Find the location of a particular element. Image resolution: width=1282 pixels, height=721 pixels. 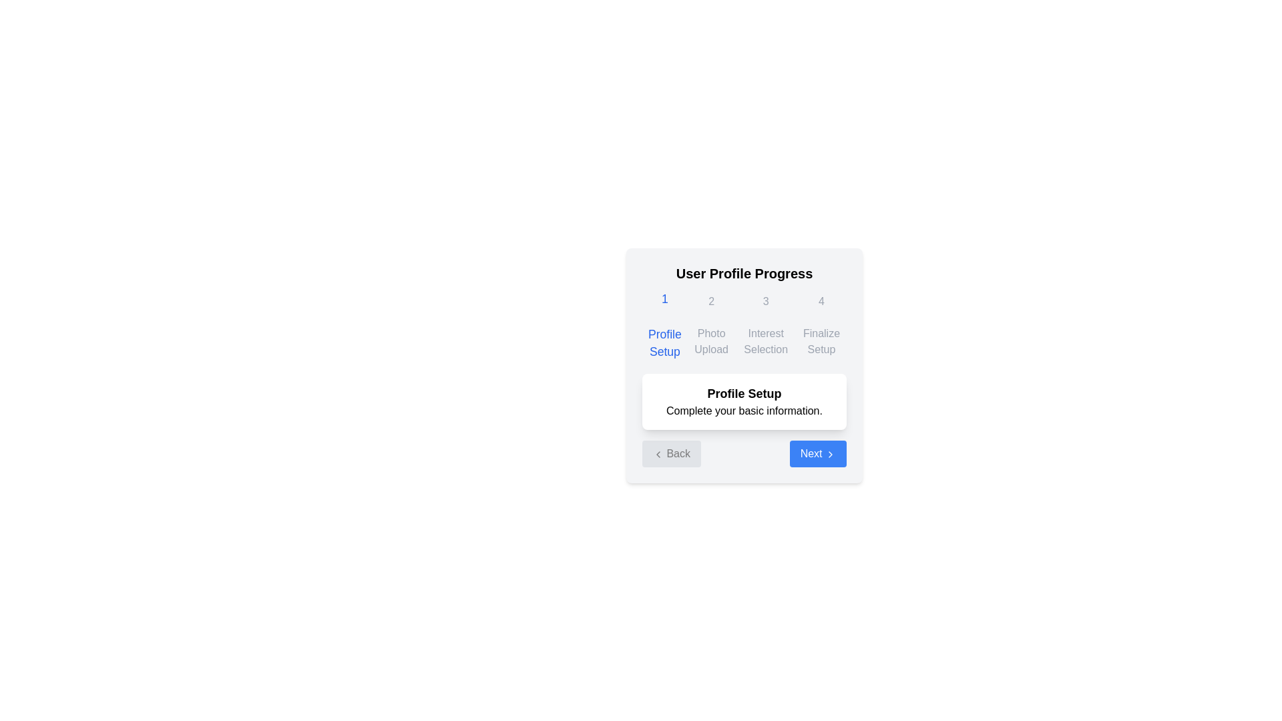

the Step indicator labeled 'Finalize Setup', which displays the digit '4' in a larger font above the label, located in the User Profile Progress section is located at coordinates (821, 326).